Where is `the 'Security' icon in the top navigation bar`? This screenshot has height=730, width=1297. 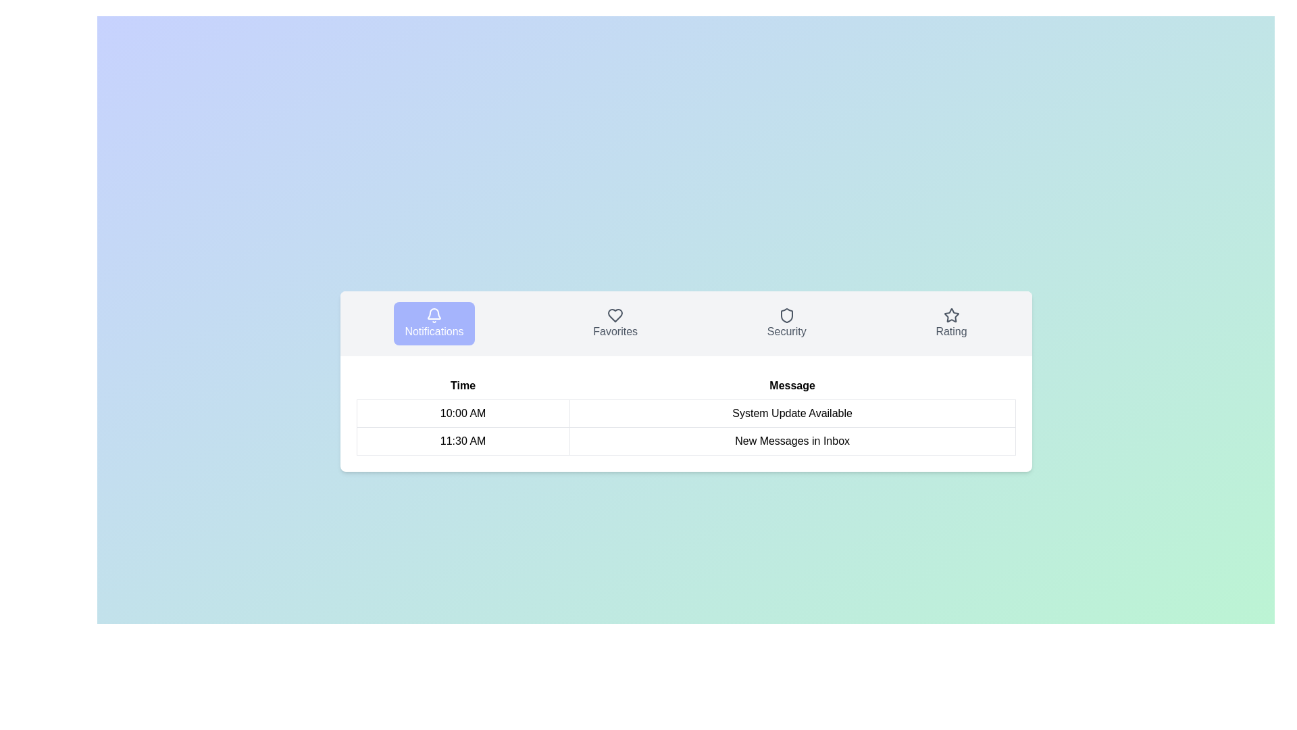 the 'Security' icon in the top navigation bar is located at coordinates (786, 315).